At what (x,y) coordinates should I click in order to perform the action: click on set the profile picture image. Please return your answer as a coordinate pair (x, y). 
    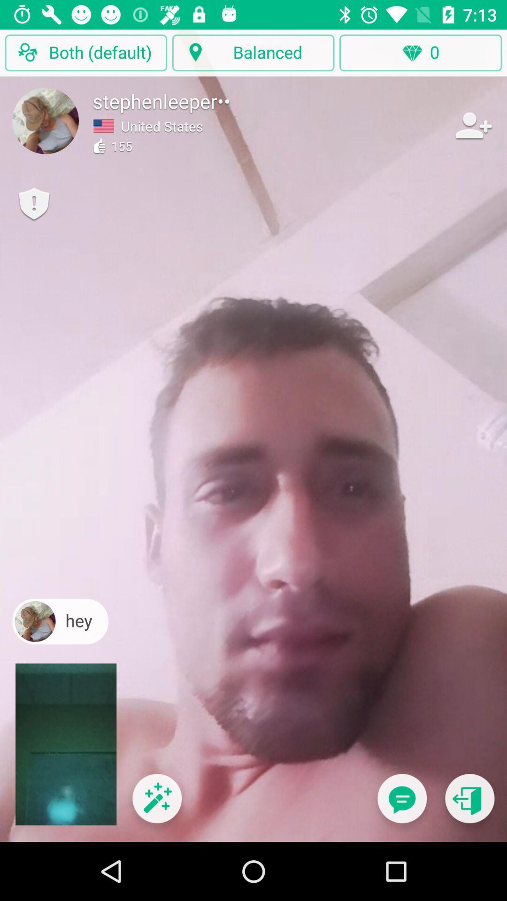
    Looking at the image, I should click on (46, 120).